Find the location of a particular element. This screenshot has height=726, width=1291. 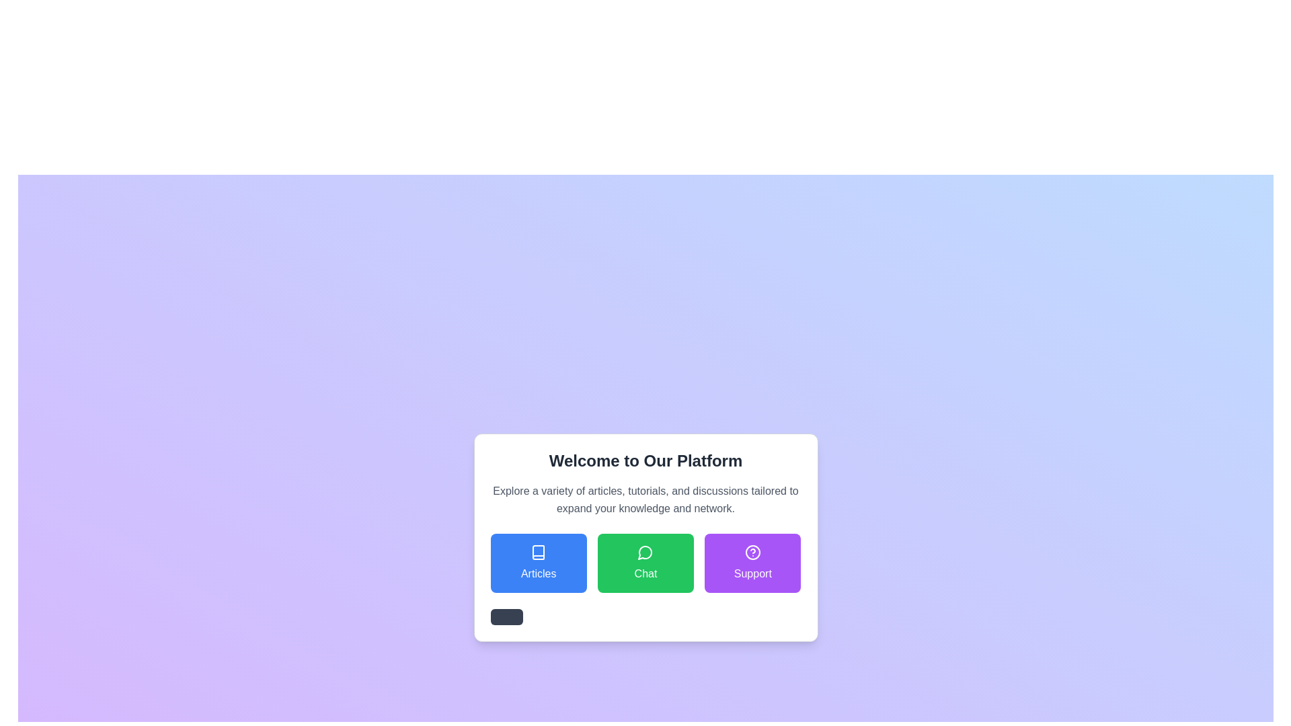

the middle button in the row of three buttons is located at coordinates (645, 563).